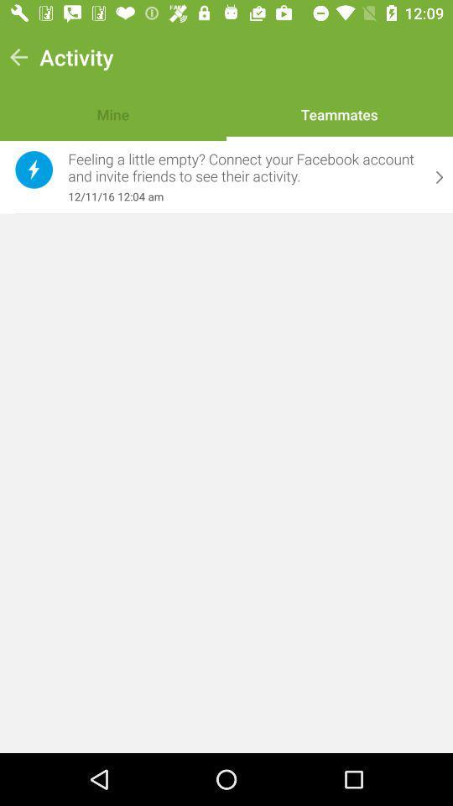 The image size is (453, 806). I want to click on 12 11 16 icon, so click(243, 196).